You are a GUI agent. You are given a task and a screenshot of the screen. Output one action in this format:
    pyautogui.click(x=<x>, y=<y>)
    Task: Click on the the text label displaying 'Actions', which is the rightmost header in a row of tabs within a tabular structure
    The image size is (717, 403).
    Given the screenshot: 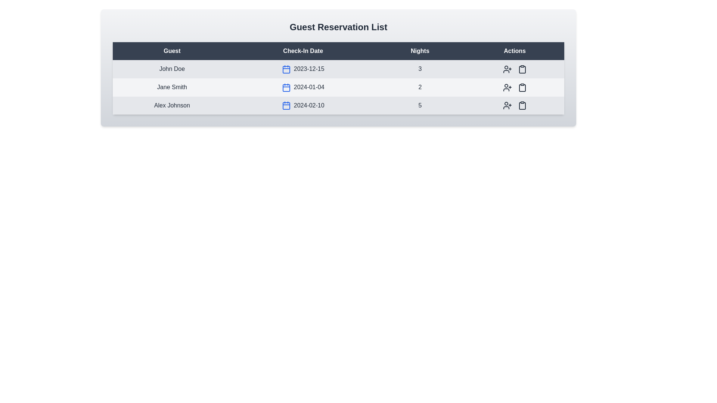 What is the action you would take?
    pyautogui.click(x=514, y=51)
    